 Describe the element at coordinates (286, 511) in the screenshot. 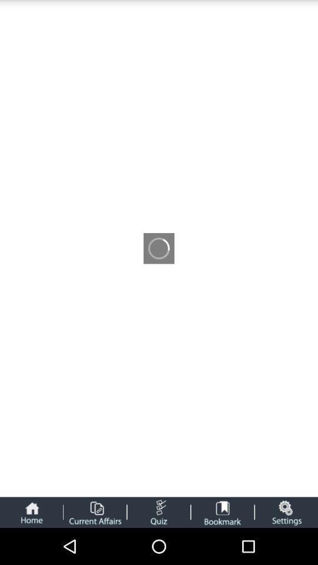

I see `settings button` at that location.